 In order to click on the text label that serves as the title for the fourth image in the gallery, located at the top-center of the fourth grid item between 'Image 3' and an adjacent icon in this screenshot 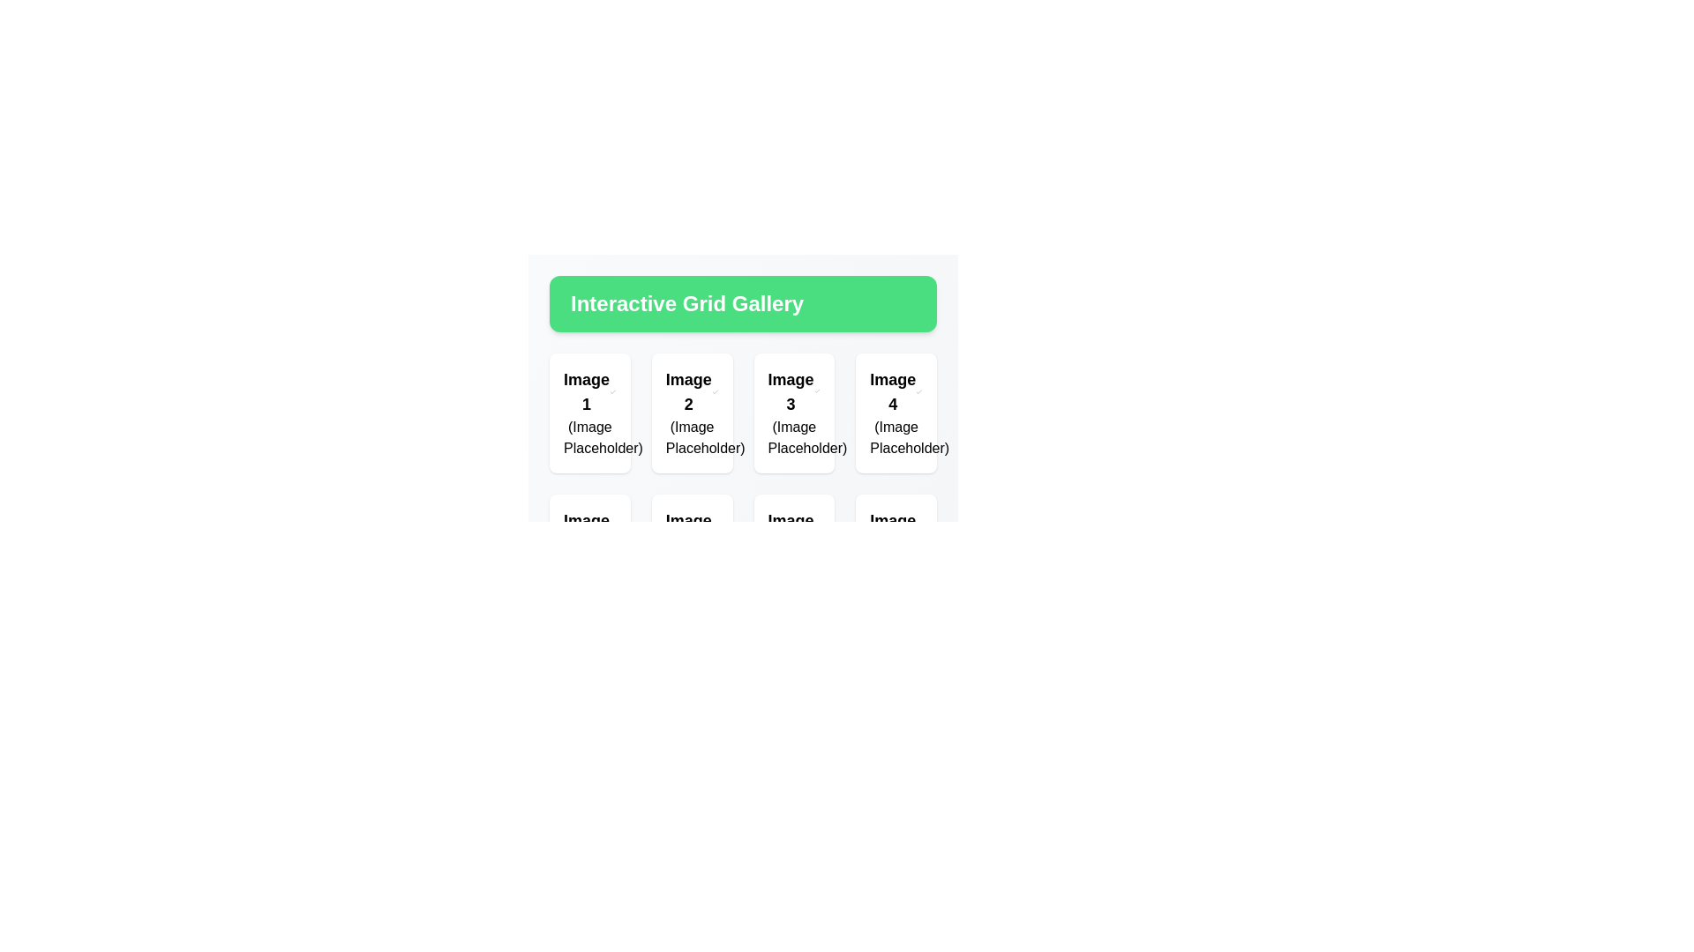, I will do `click(893, 390)`.